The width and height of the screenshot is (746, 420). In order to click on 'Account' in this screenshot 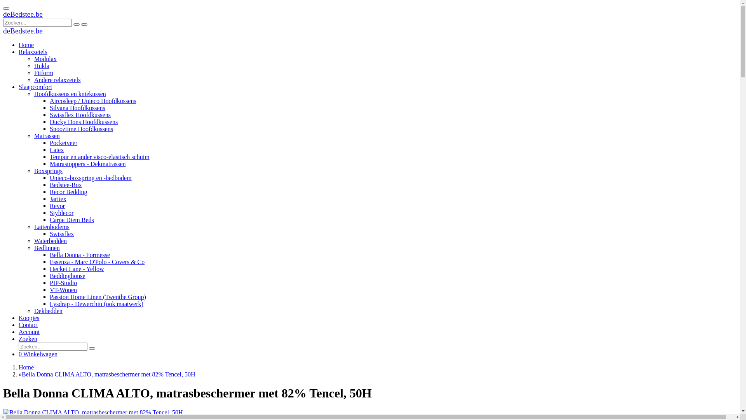, I will do `click(29, 332)`.